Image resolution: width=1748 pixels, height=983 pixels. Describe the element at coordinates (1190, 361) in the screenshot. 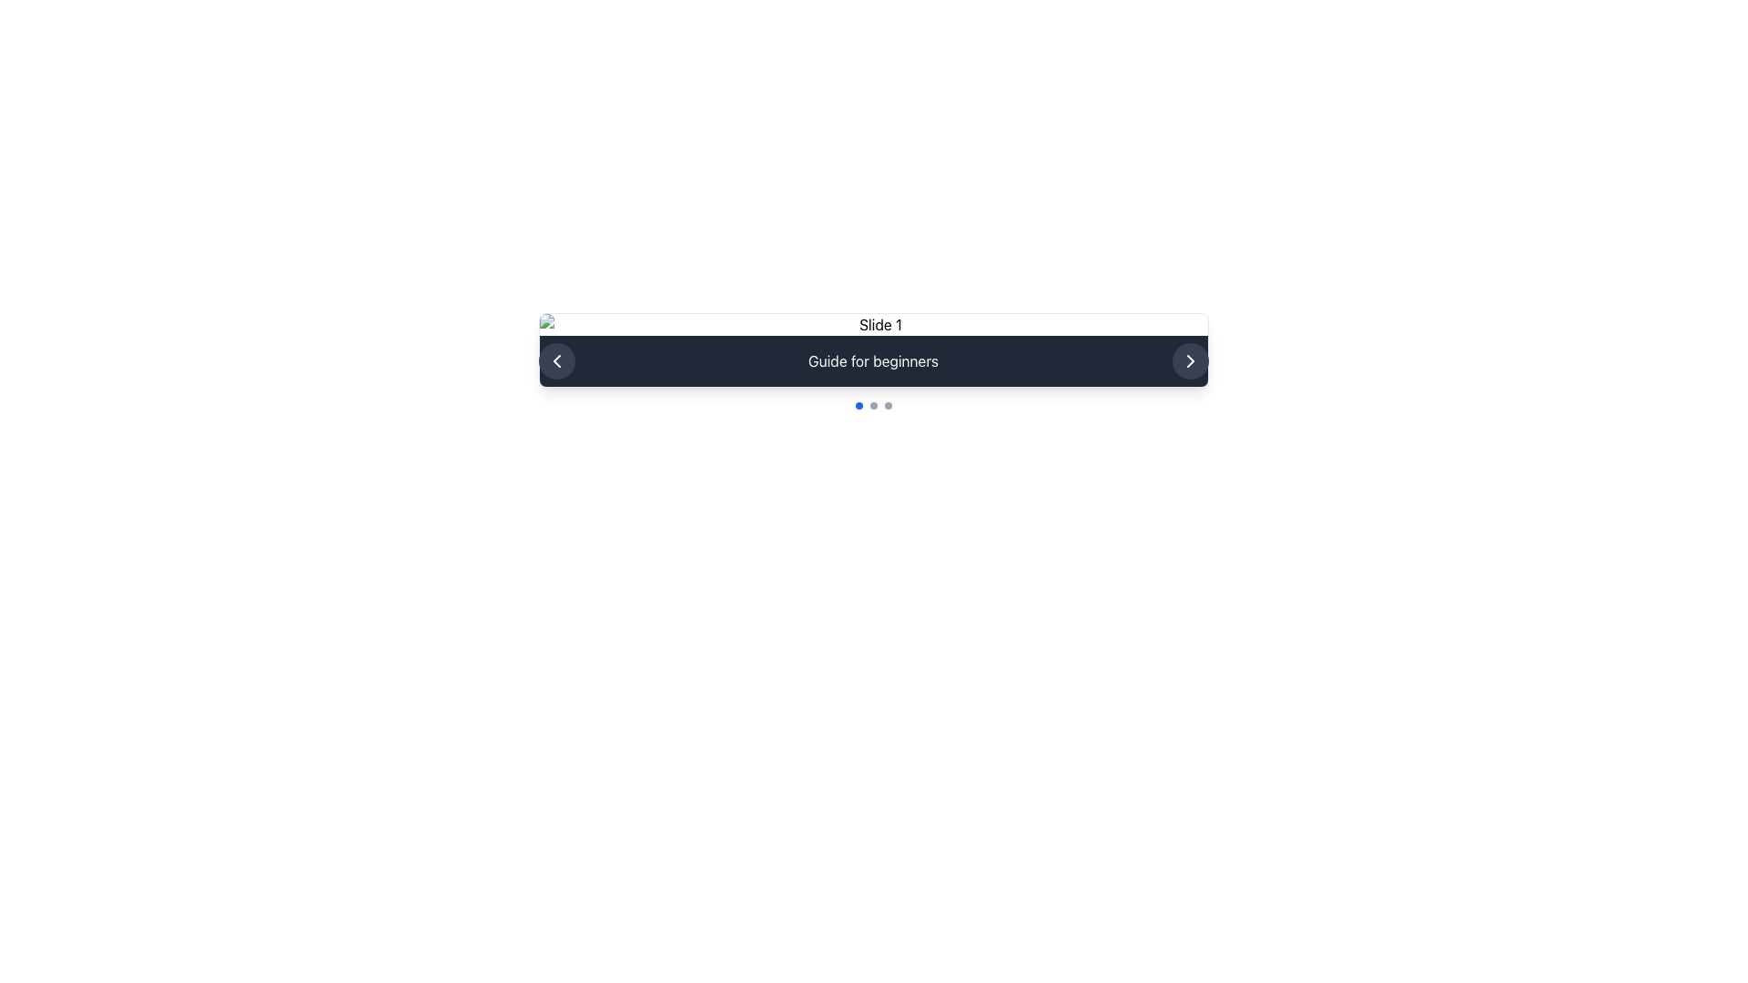

I see `the right-facing chevron icon located inside a circular button on the right side of the navigation bar` at that location.